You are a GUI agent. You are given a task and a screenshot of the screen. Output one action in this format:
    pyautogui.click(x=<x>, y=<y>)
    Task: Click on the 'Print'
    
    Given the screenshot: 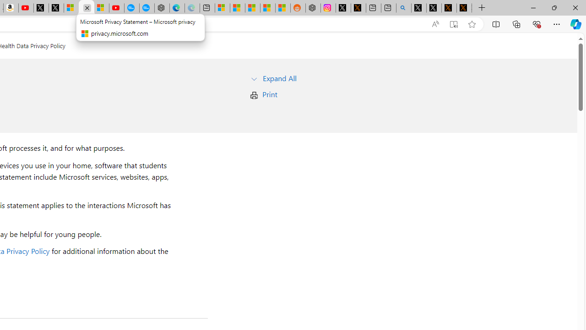 What is the action you would take?
    pyautogui.click(x=269, y=94)
    